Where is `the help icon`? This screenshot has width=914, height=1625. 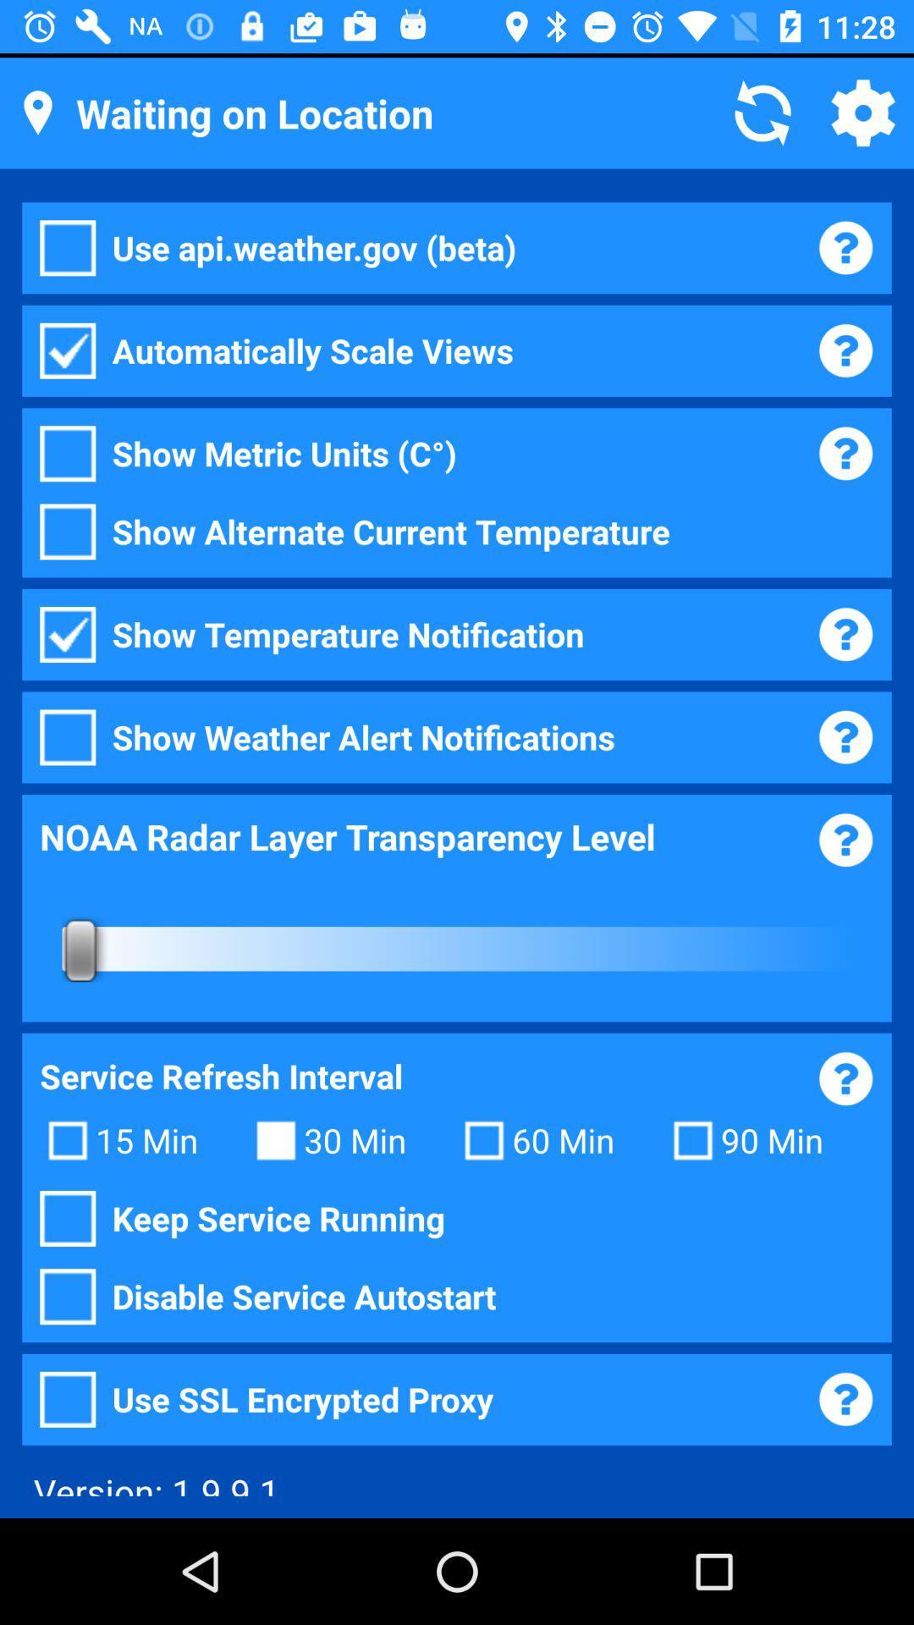
the help icon is located at coordinates (845, 454).